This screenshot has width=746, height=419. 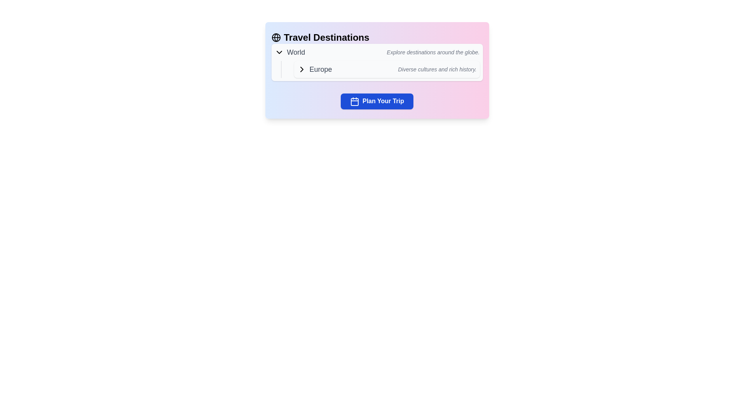 What do you see at coordinates (295, 52) in the screenshot?
I see `the text label 'World' which is styled with a larger font size and gray color, located next to a dropdown arrow in the 'Travel Destinations' menu` at bounding box center [295, 52].